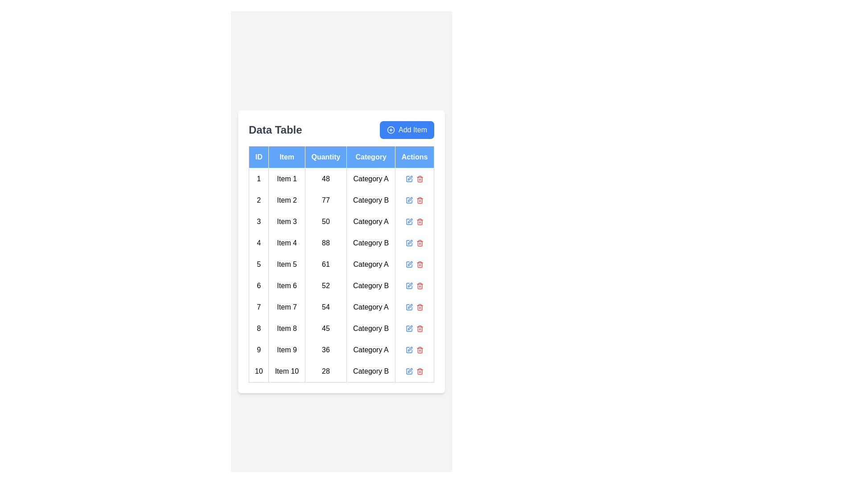 The width and height of the screenshot is (856, 481). What do you see at coordinates (410, 220) in the screenshot?
I see `the pen-shaped icon in the 'Actions' column of the data table to invoke its editing functionality` at bounding box center [410, 220].